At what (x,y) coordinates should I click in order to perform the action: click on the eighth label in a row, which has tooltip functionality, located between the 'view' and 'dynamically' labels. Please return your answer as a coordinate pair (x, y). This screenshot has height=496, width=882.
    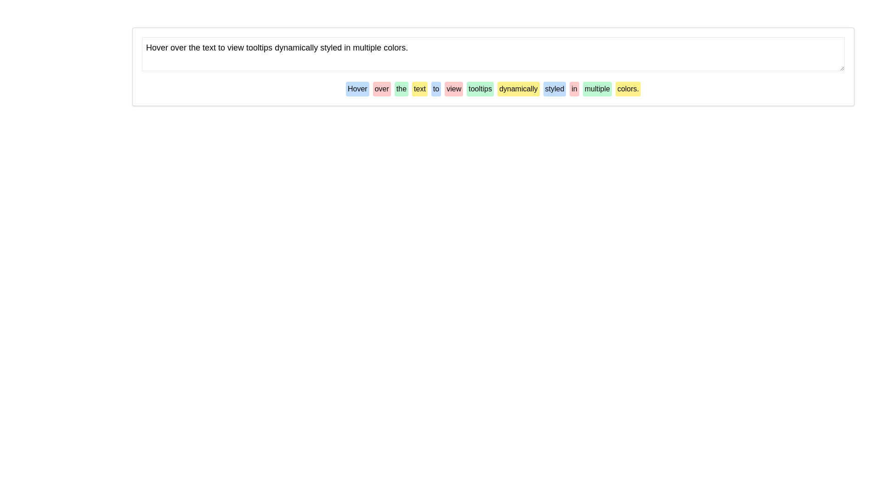
    Looking at the image, I should click on (480, 89).